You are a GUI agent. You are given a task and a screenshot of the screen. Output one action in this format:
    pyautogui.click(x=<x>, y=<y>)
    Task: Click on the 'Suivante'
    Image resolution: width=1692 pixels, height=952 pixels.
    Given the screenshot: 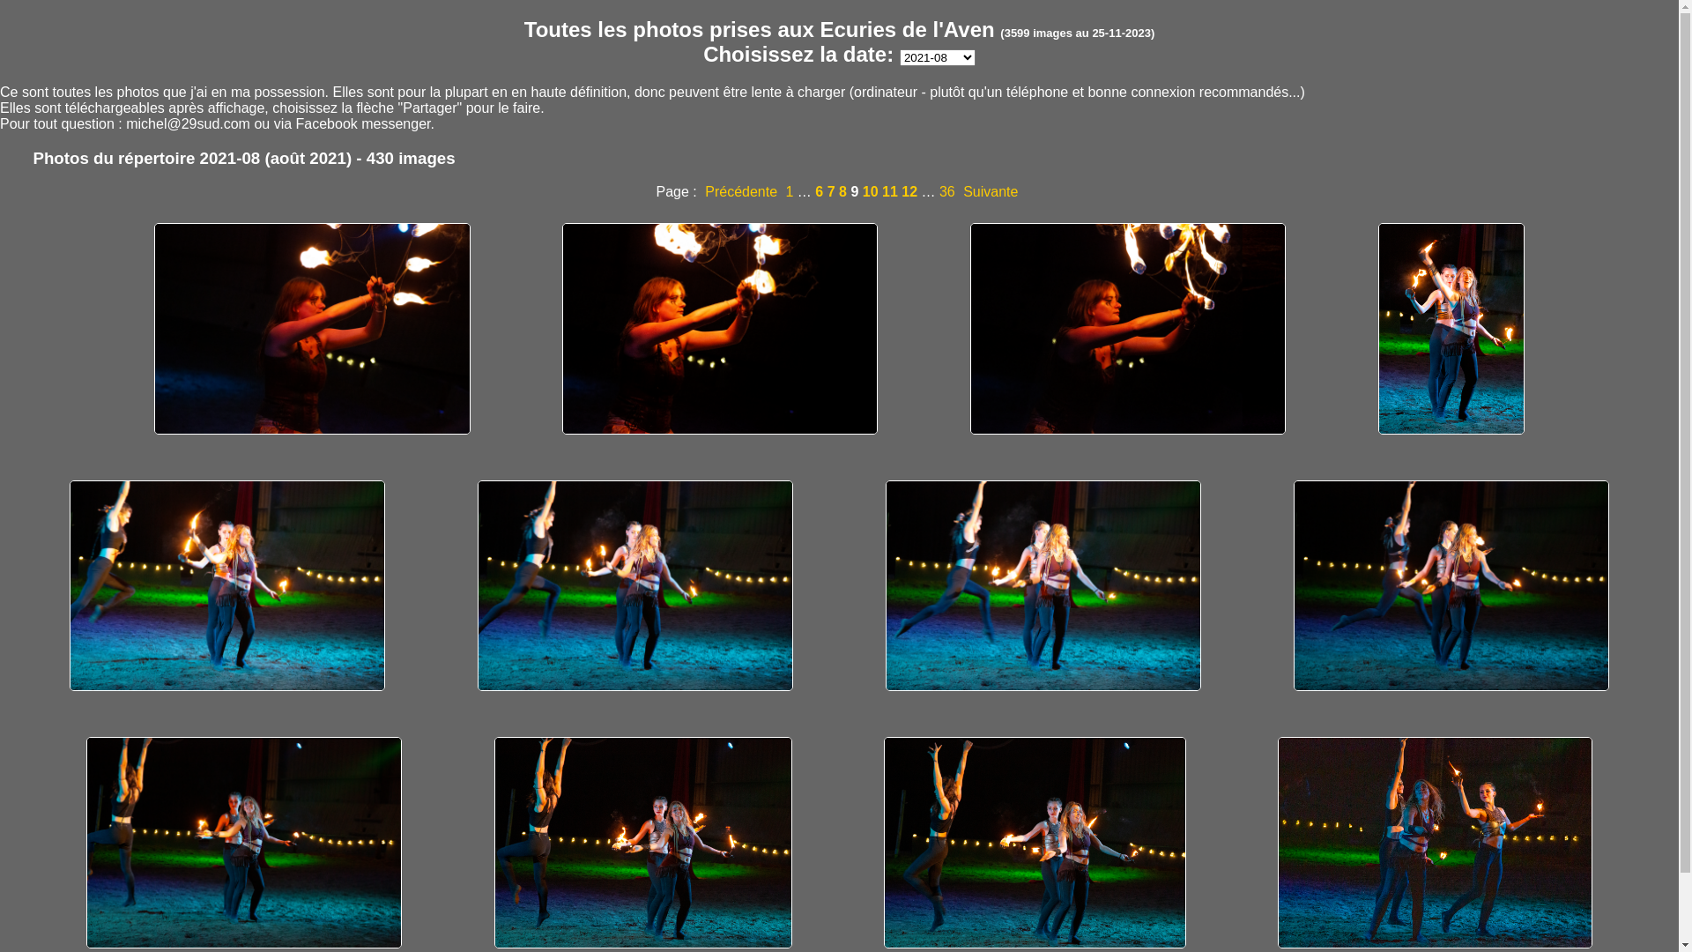 What is the action you would take?
    pyautogui.click(x=990, y=191)
    